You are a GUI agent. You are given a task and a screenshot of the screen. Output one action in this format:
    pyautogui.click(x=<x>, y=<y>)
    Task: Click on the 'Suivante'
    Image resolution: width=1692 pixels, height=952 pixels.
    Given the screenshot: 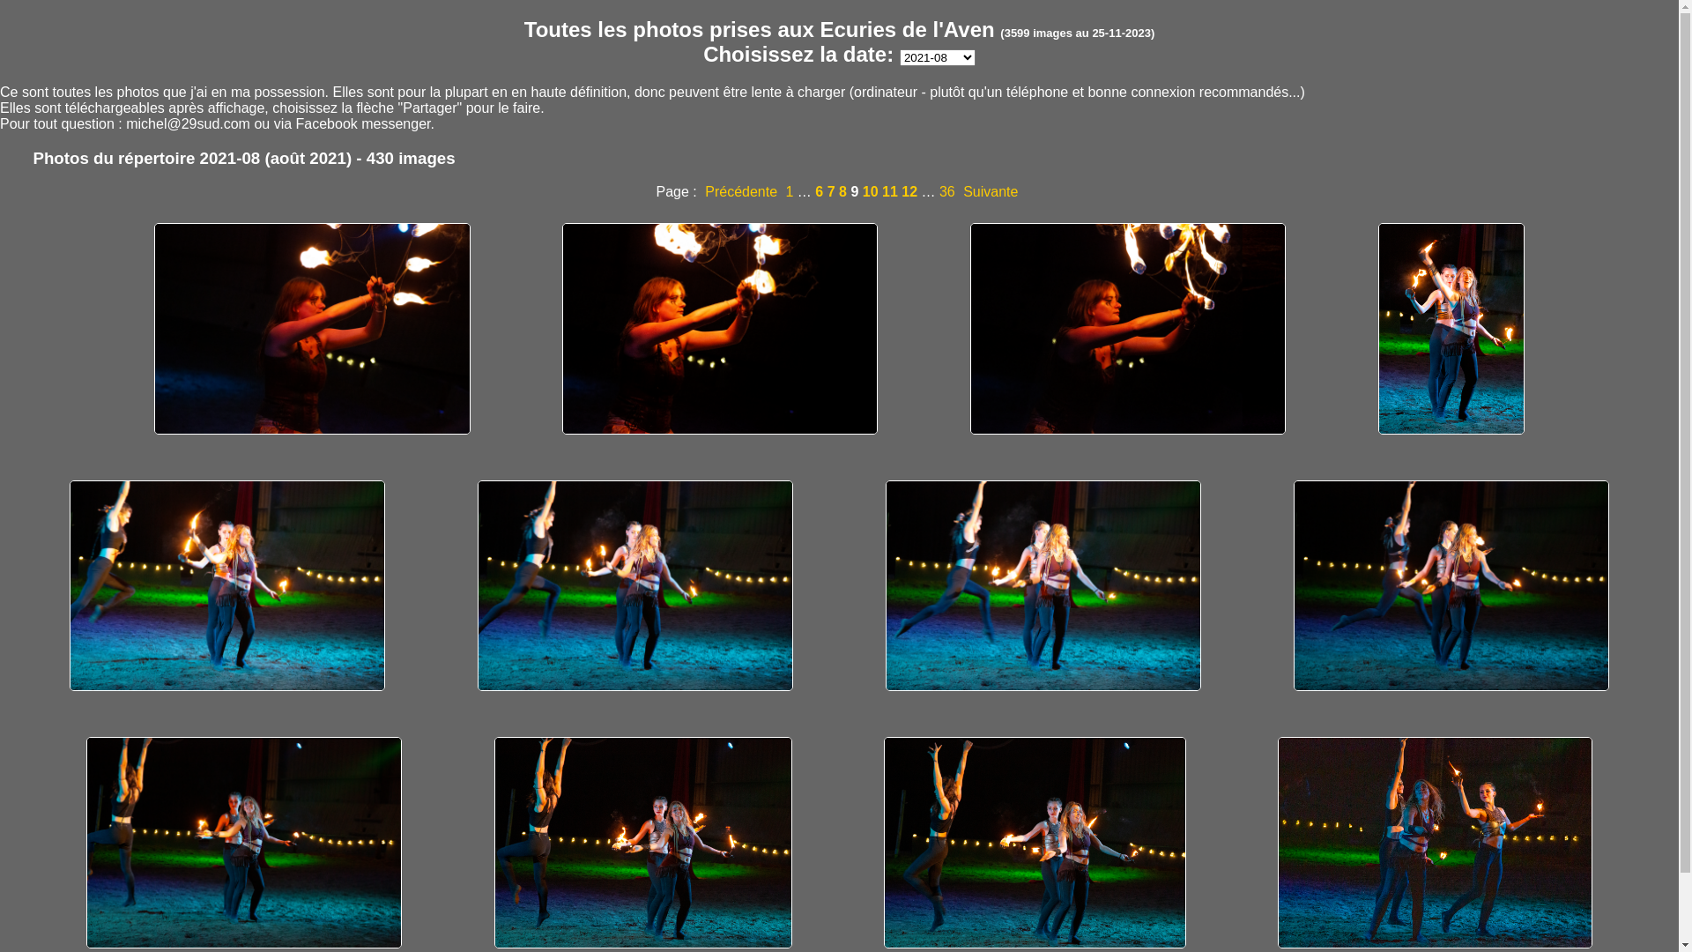 What is the action you would take?
    pyautogui.click(x=990, y=191)
    